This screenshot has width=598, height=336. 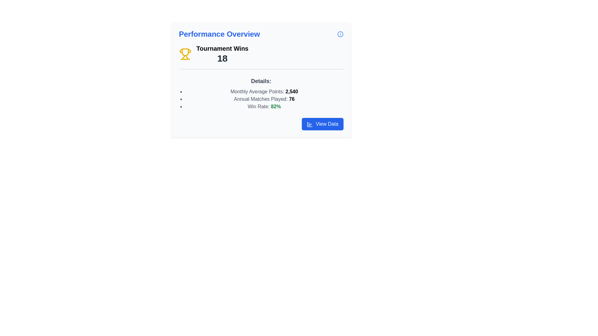 What do you see at coordinates (222, 58) in the screenshot?
I see `the bold, large black text displaying the number '18' that represents the Tournament Wins in the performance overview section` at bounding box center [222, 58].